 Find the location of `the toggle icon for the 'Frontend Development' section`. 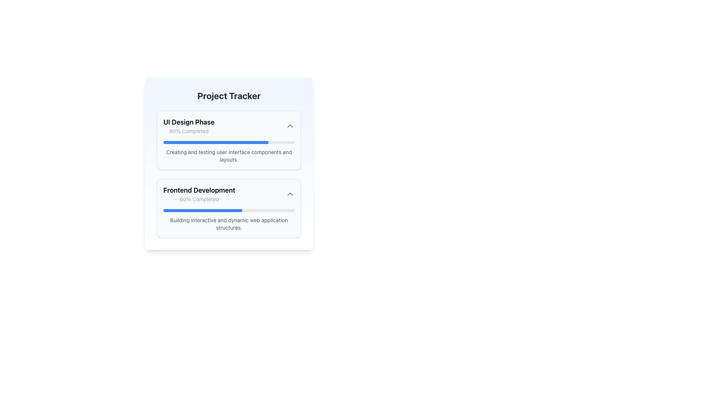

the toggle icon for the 'Frontend Development' section is located at coordinates (290, 194).